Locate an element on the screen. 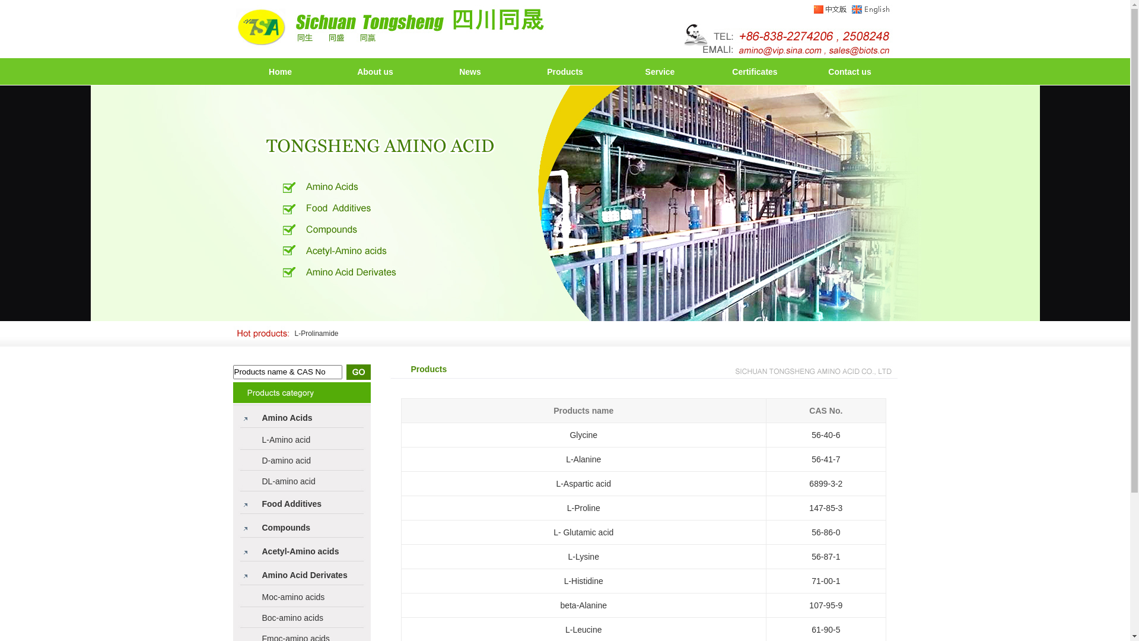  'L-Histidine' is located at coordinates (583, 580).